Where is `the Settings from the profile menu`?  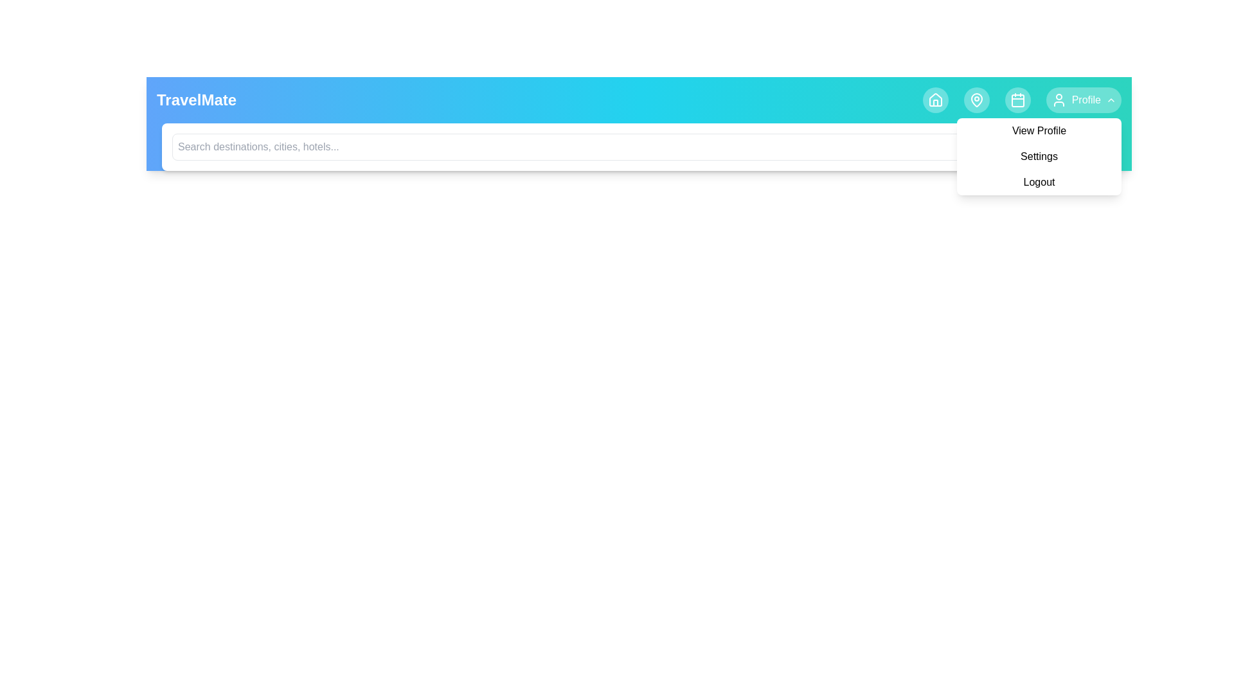 the Settings from the profile menu is located at coordinates (1039, 156).